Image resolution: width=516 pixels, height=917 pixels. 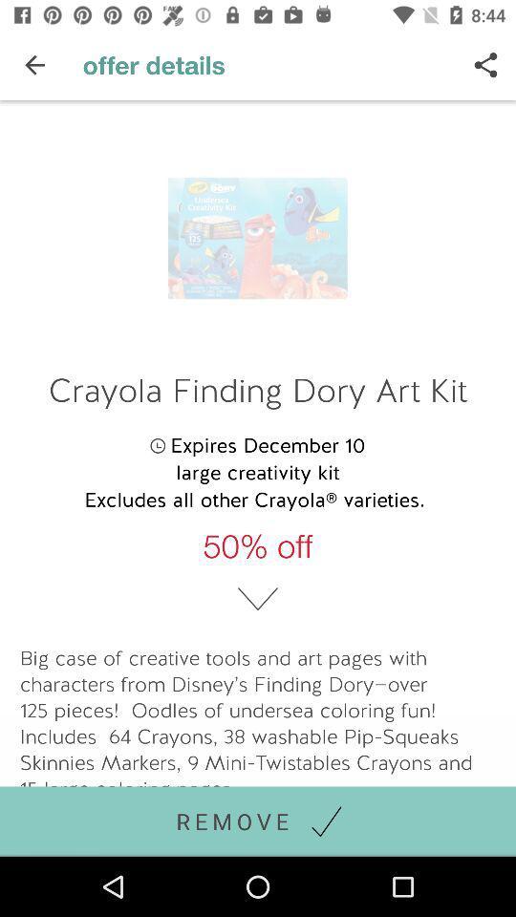 What do you see at coordinates (34, 65) in the screenshot?
I see `the icon next to the offer details icon` at bounding box center [34, 65].